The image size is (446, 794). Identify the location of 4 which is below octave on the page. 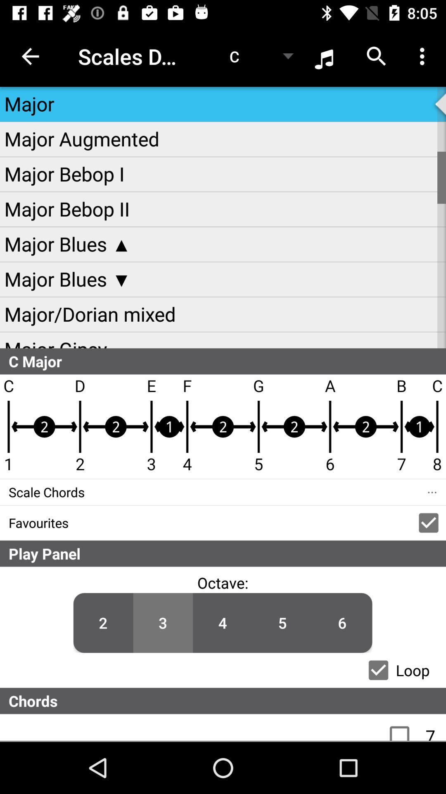
(222, 623).